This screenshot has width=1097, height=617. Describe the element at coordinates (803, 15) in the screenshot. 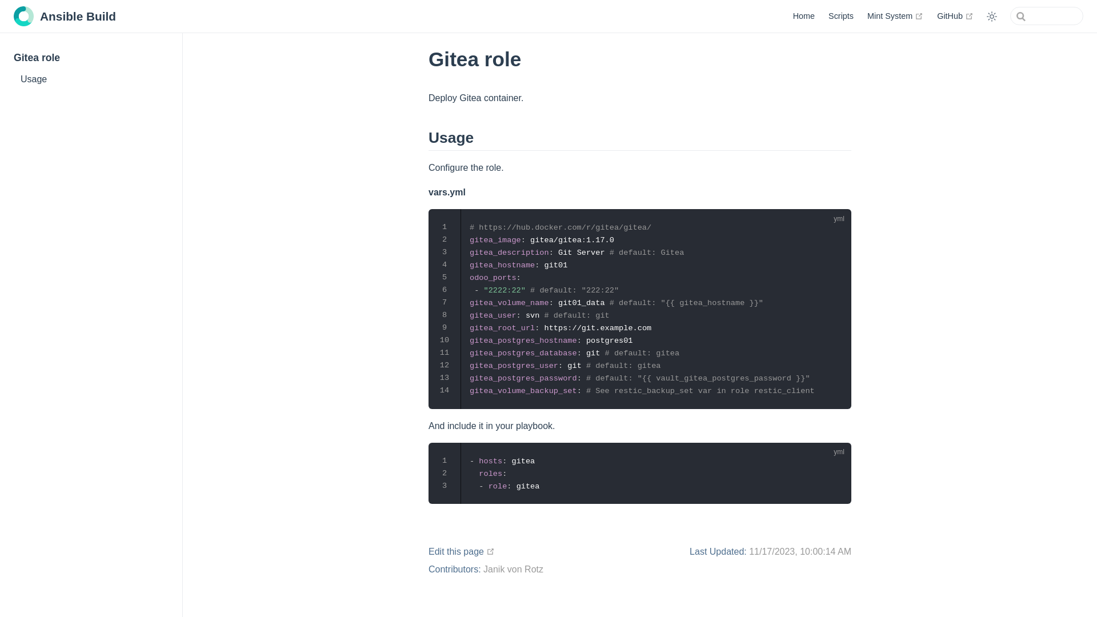

I see `'Home'` at that location.